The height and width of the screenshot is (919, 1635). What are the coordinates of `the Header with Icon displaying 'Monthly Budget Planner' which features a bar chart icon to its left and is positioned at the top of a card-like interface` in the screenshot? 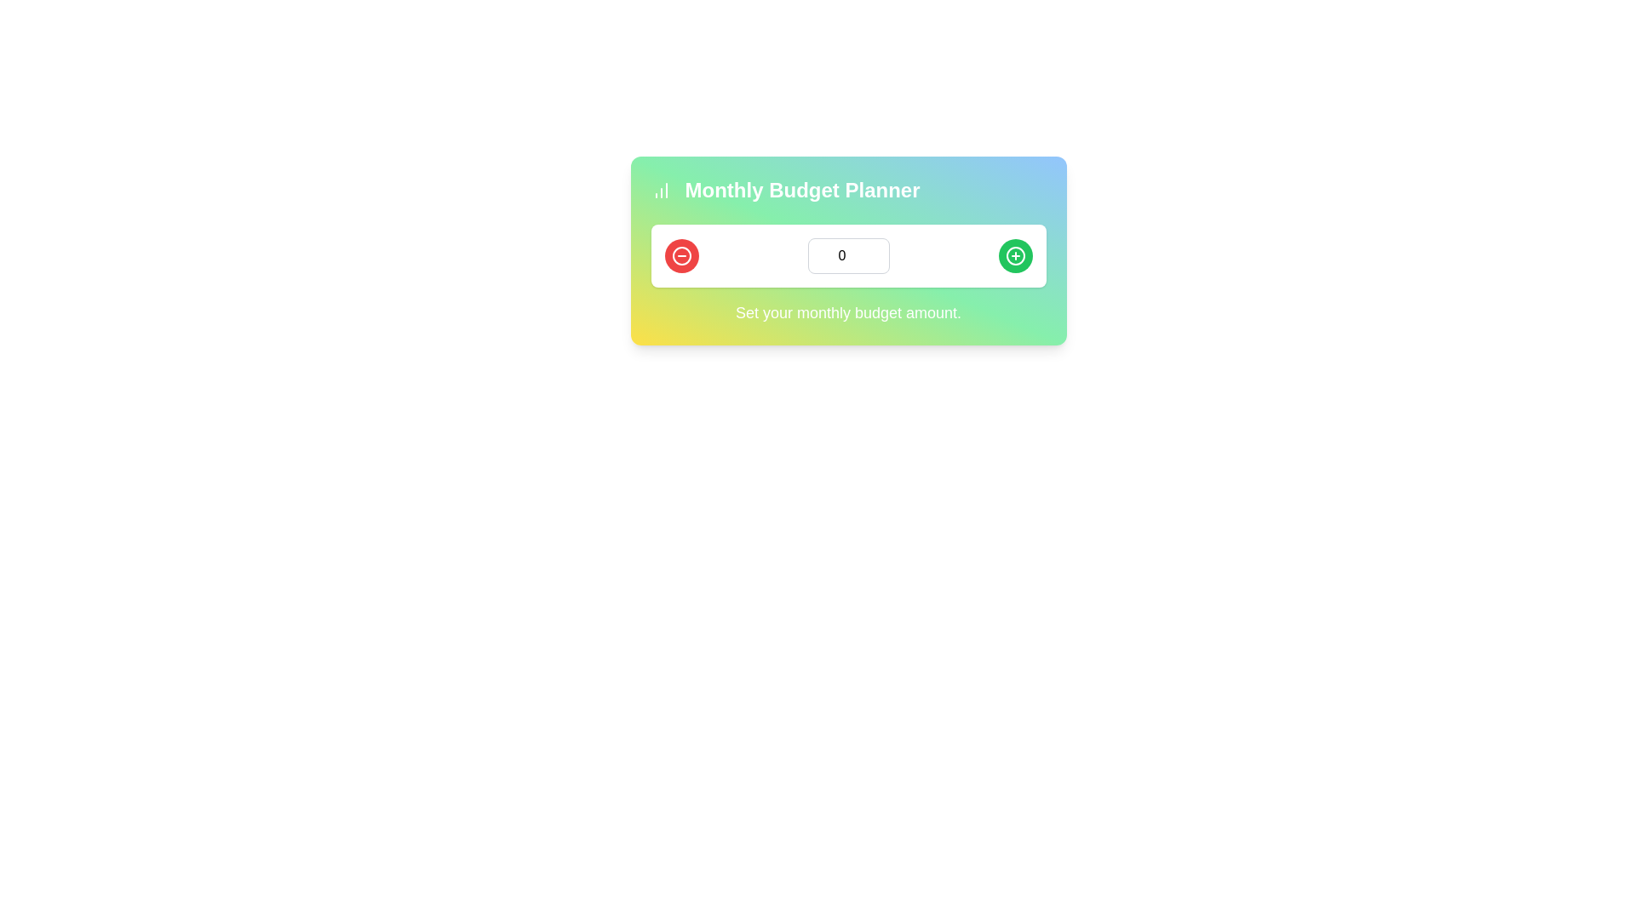 It's located at (848, 190).